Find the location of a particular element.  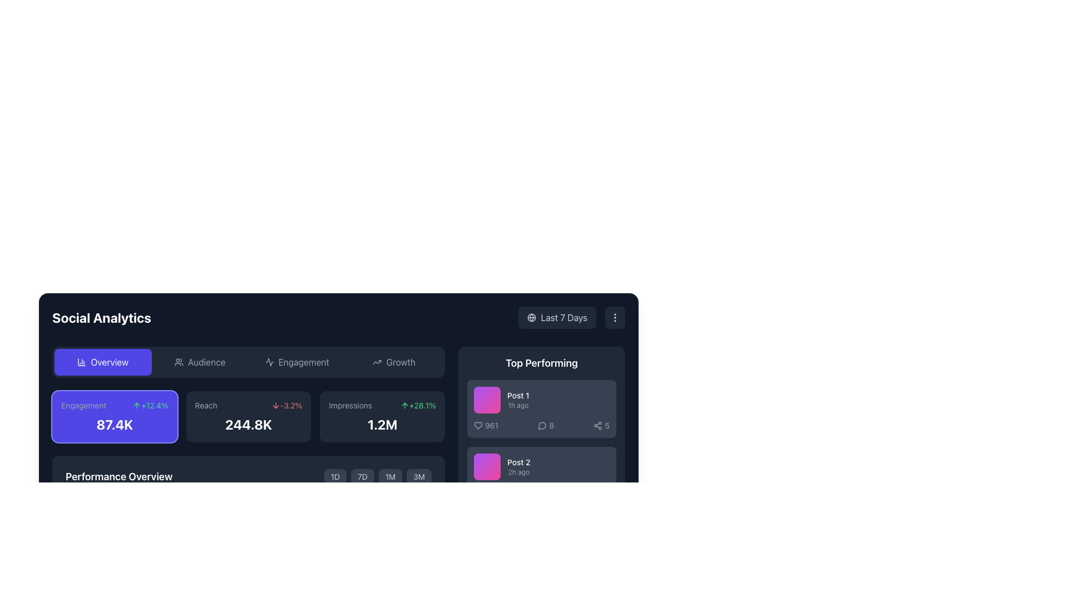

the first SVG Icon in the 'Engagement' section, which visually represents activity or analytics related to engagement is located at coordinates (269, 362).